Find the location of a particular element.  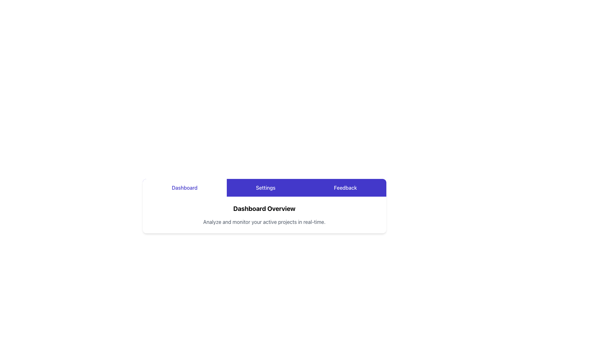

title 'Dashboard Overview' and subtitle 'Analyze and monitor your active projects in real-time.' from the Textual Information Block, which is prominently displayed in a white card below the navigation bar is located at coordinates (264, 214).